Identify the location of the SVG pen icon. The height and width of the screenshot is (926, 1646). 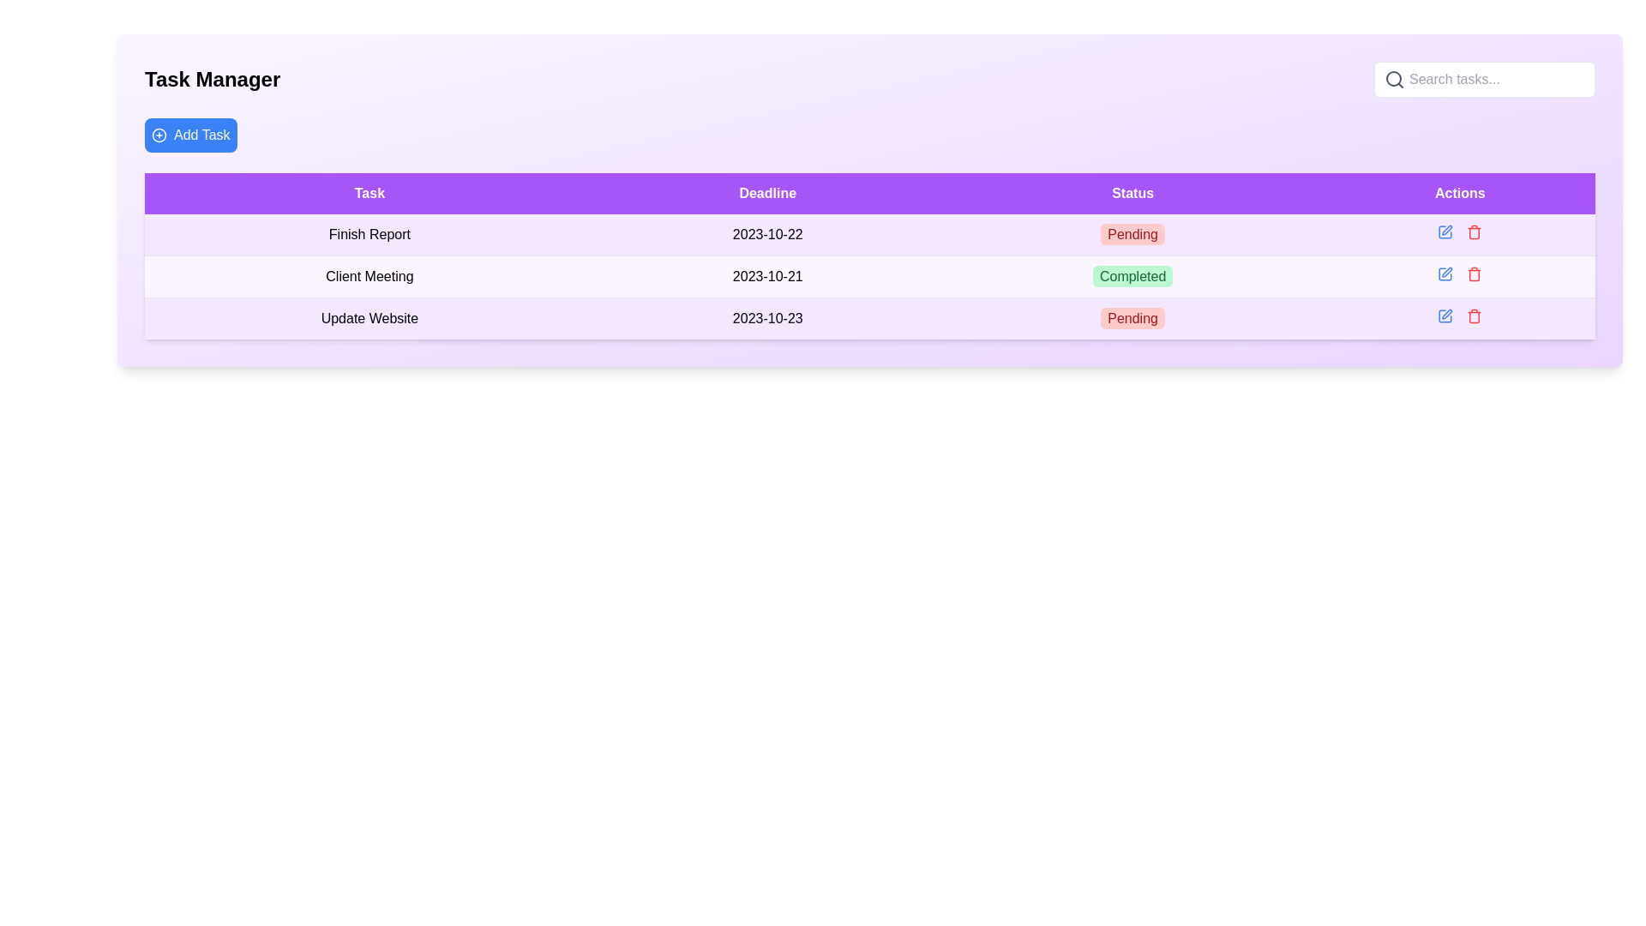
(1446, 229).